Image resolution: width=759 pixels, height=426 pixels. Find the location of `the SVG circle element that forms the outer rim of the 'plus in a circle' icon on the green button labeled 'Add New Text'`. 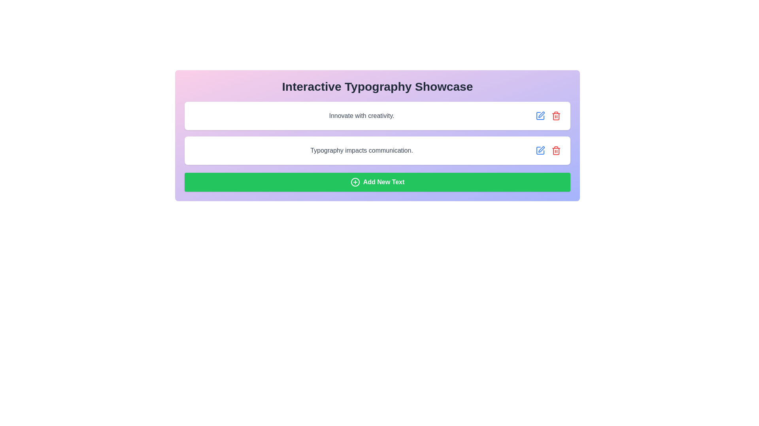

the SVG circle element that forms the outer rim of the 'plus in a circle' icon on the green button labeled 'Add New Text' is located at coordinates (355, 182).